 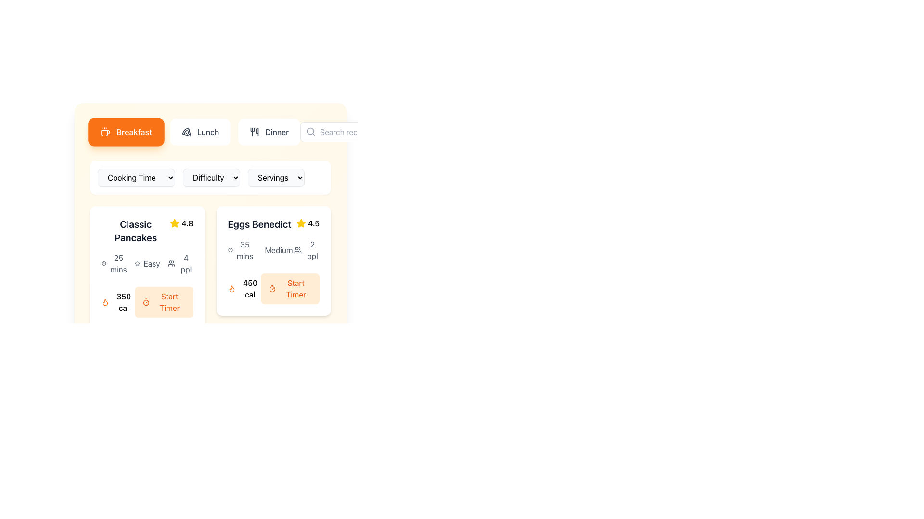 What do you see at coordinates (123, 301) in the screenshot?
I see `the calorie count text label for the 'Classic Pancakes' dish located in the bottom-left corner of the card, adjacent to the orange 'Start Timer' button` at bounding box center [123, 301].